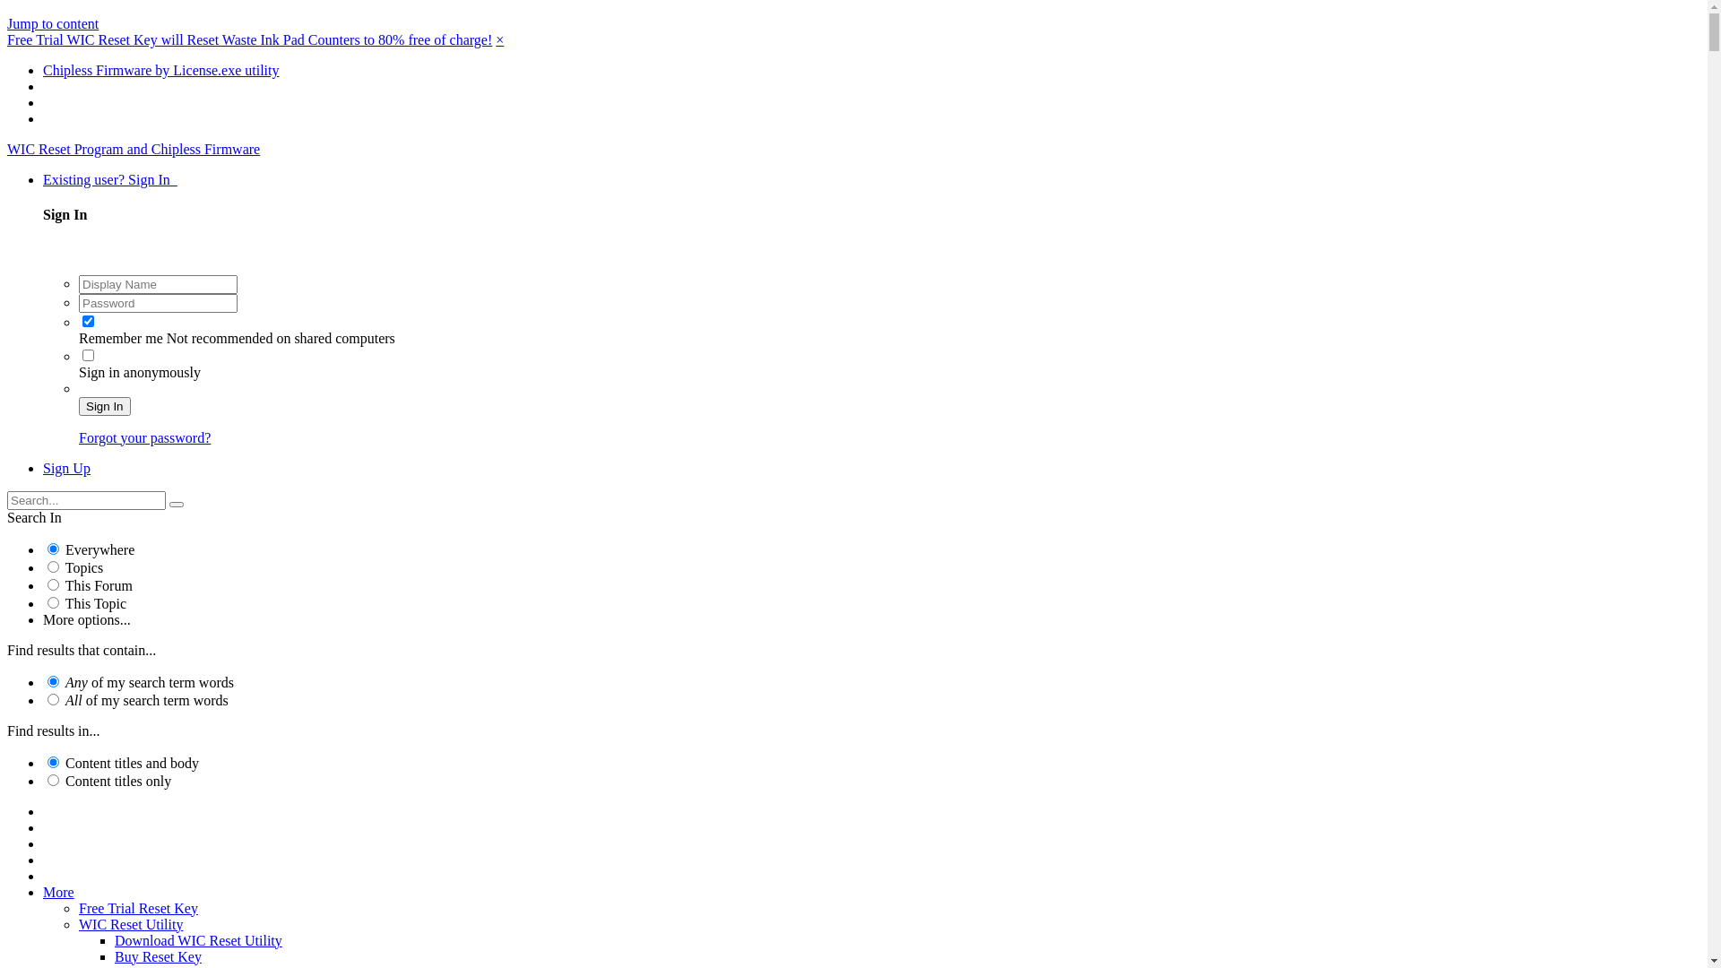  Describe the element at coordinates (114, 955) in the screenshot. I see `'Buy Reset Key'` at that location.